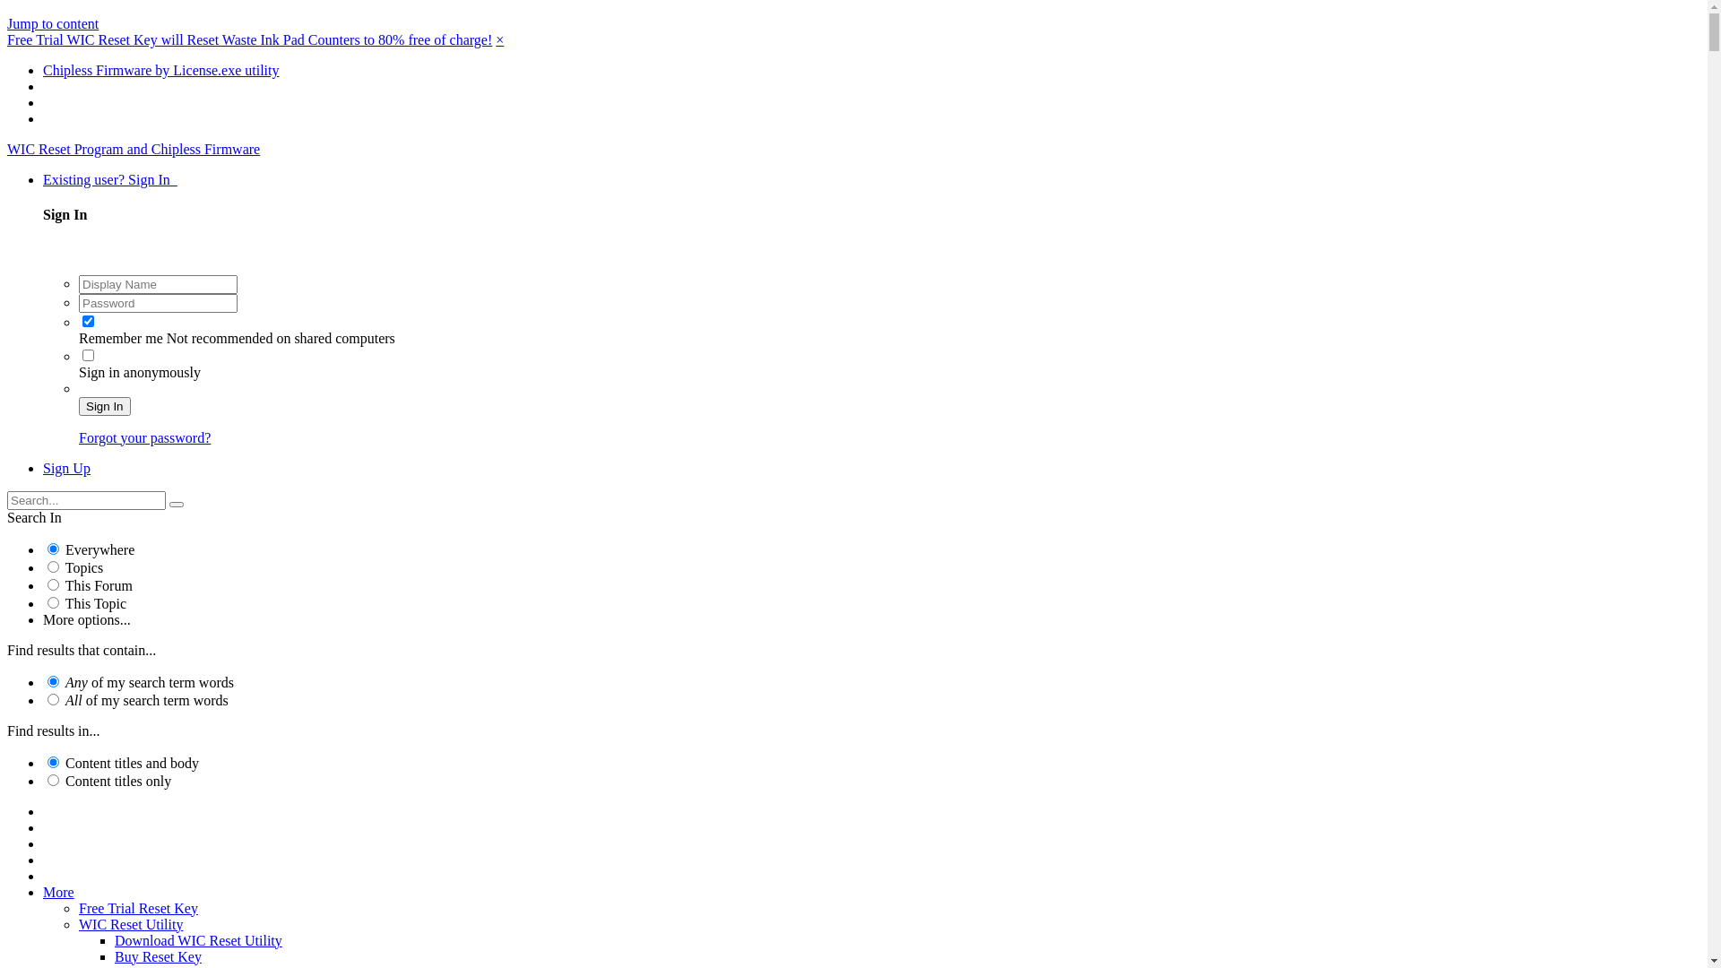  Describe the element at coordinates (114, 955) in the screenshot. I see `'Buy Reset Key'` at that location.